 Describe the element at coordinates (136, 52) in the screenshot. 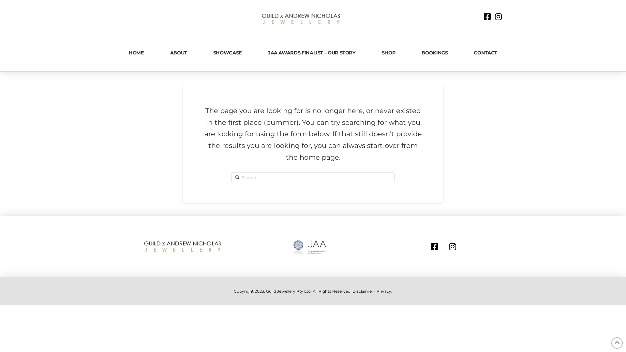

I see `'HOME'` at that location.